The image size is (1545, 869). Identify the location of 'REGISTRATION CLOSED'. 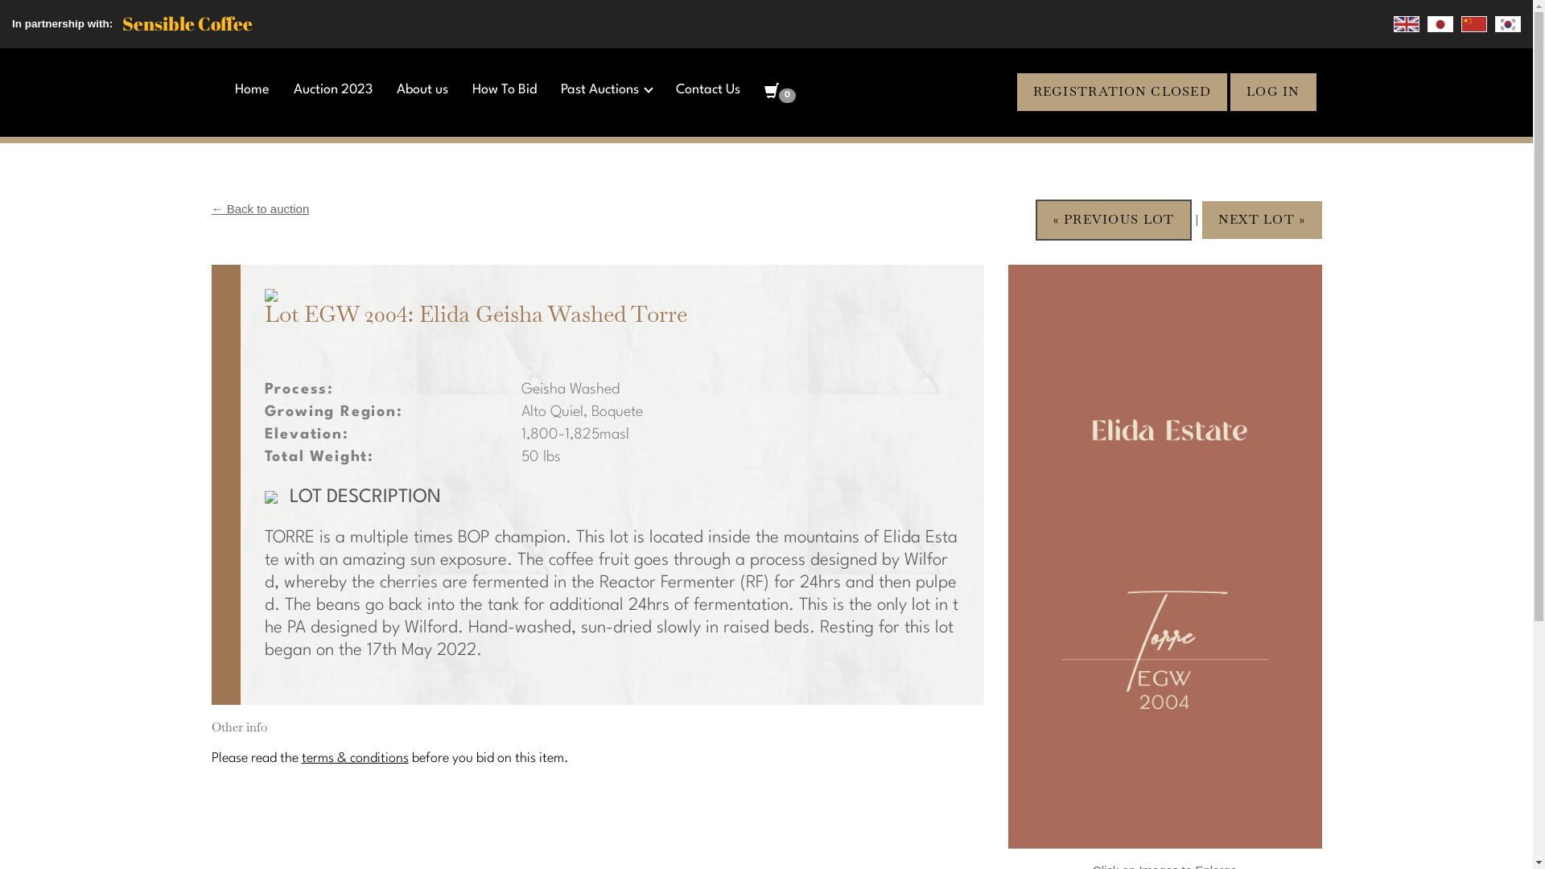
(1121, 92).